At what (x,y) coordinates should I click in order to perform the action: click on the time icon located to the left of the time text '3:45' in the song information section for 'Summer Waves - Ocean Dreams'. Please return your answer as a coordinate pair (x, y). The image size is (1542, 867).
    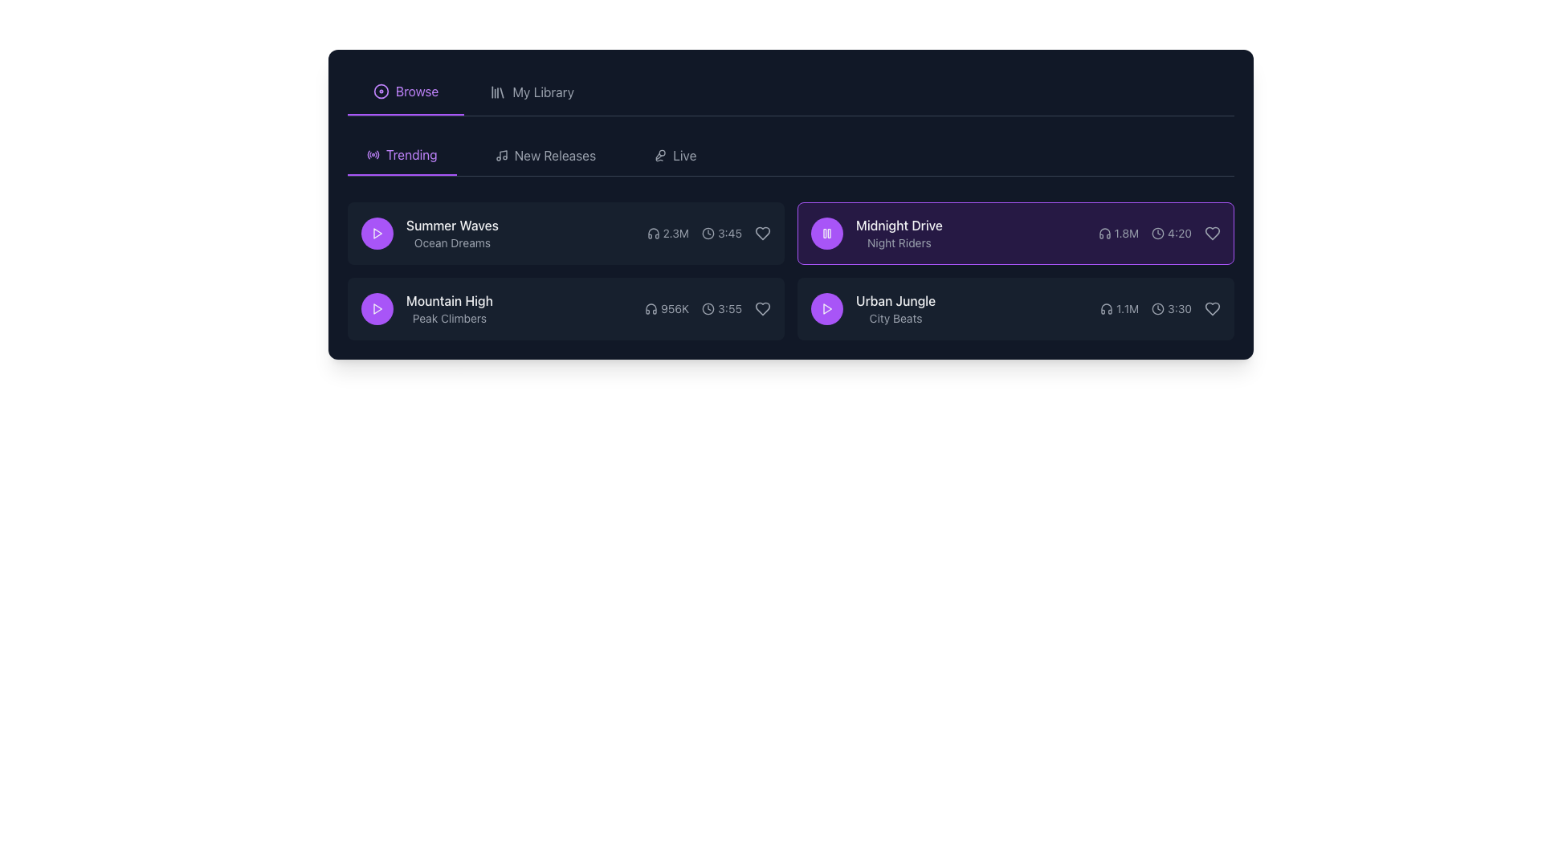
    Looking at the image, I should click on (708, 233).